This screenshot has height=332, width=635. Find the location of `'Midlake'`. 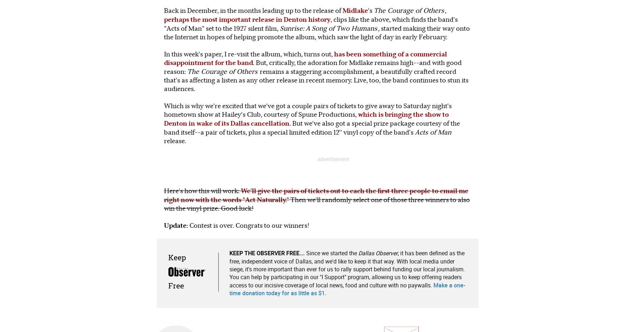

'Midlake' is located at coordinates (354, 10).